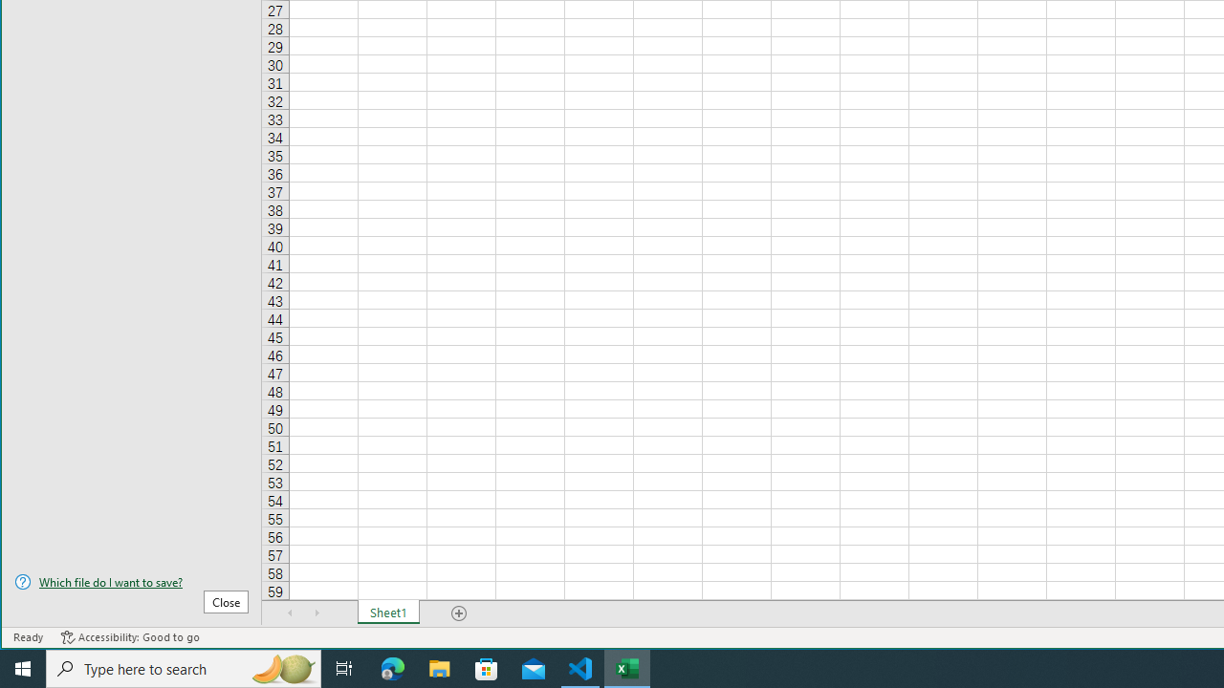  I want to click on 'Scroll Left', so click(290, 613).